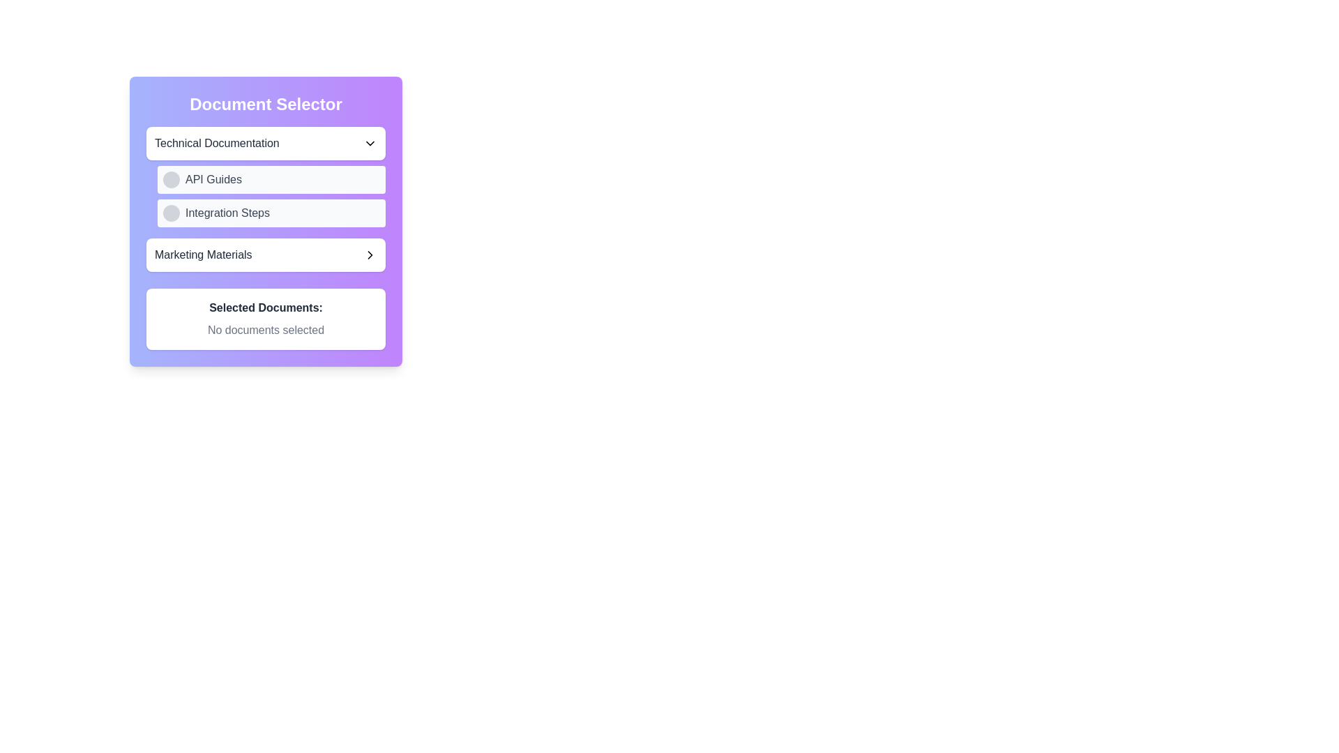  Describe the element at coordinates (271, 213) in the screenshot. I see `the 'Integration Steps' list item, which is the second option under the 'Technical Documentation' dropdown` at that location.